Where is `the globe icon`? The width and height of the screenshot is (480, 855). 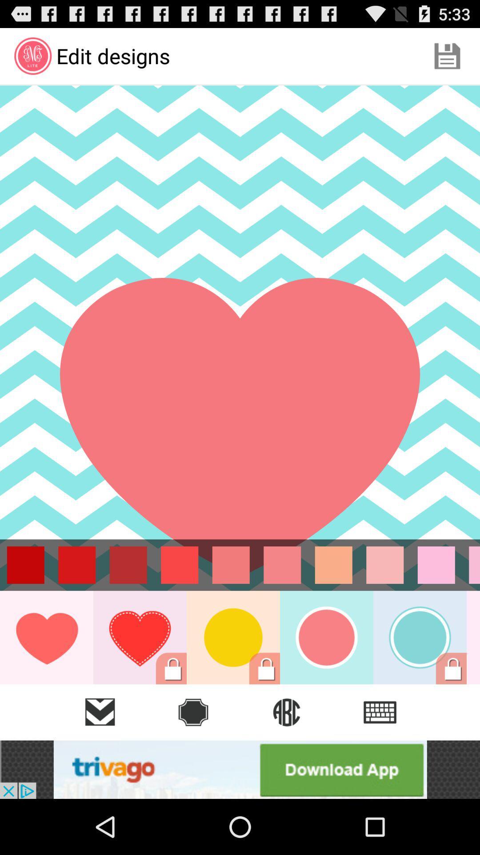 the globe icon is located at coordinates (286, 712).